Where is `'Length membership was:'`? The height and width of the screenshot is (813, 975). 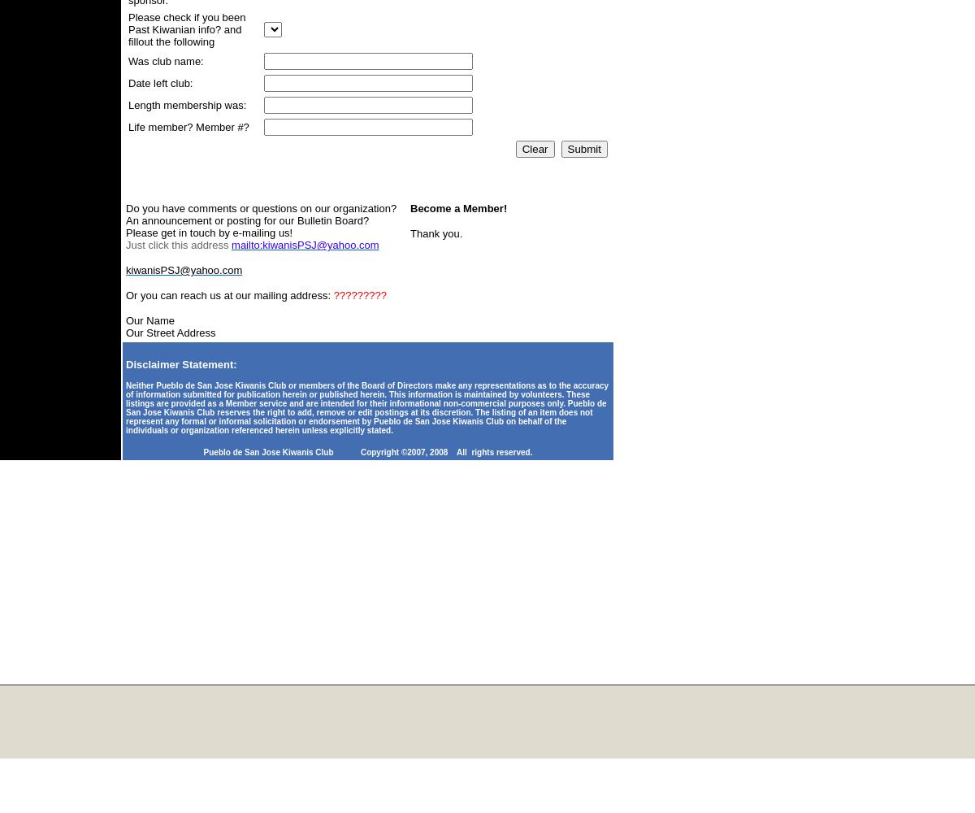 'Length membership was:' is located at coordinates (128, 105).